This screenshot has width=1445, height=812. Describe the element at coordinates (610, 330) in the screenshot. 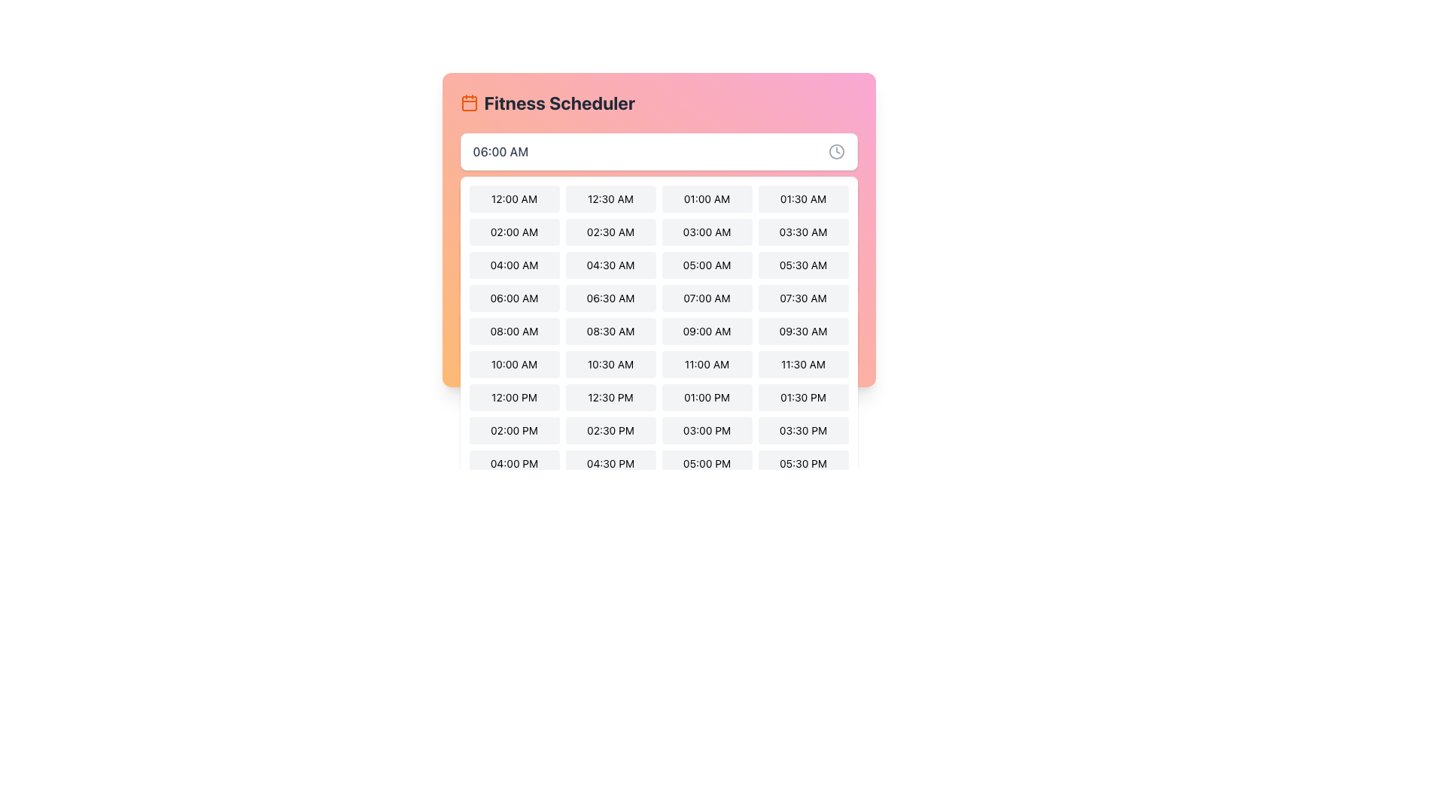

I see `the rectangular button labeled '08:30 AM' located in the fifth row and second column of the 'Fitness Scheduler' section` at that location.